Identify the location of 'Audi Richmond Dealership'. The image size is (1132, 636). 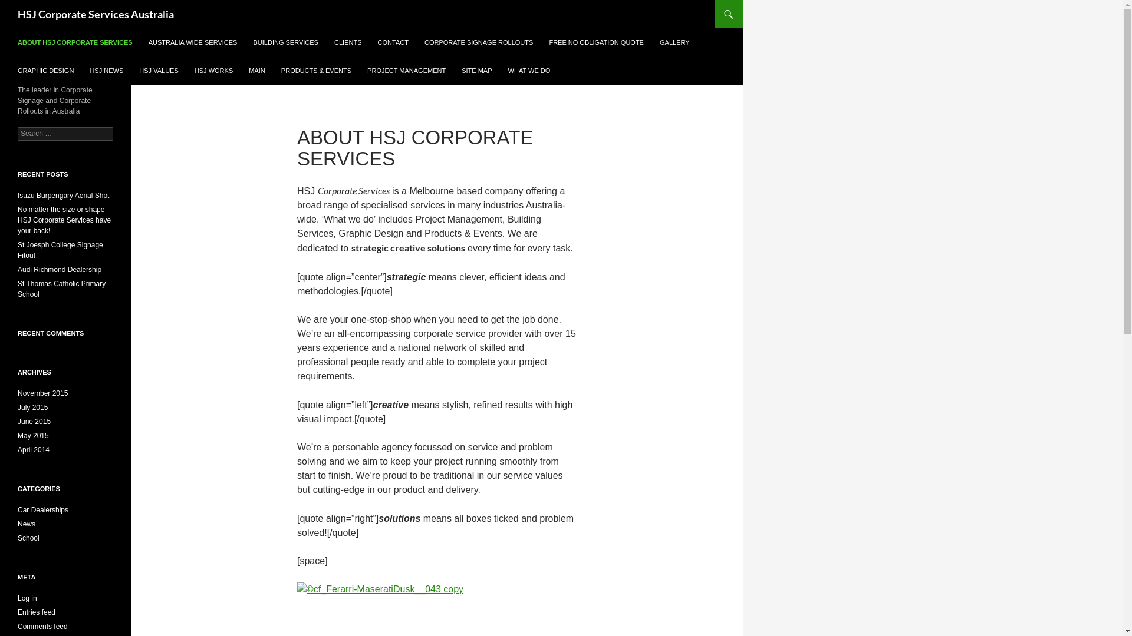
(58, 270).